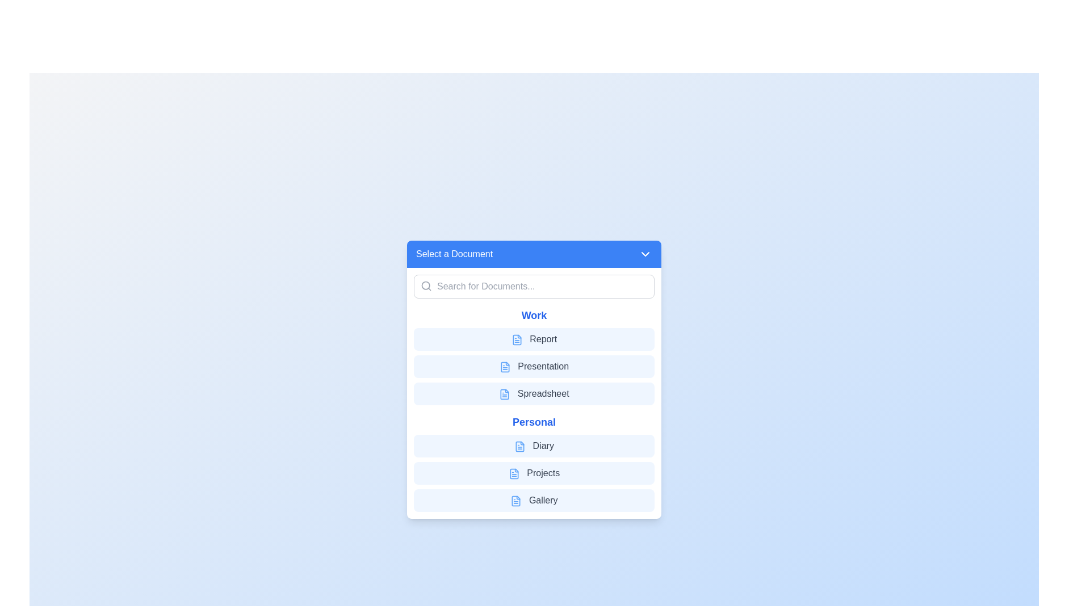 The image size is (1090, 613). Describe the element at coordinates (533, 315) in the screenshot. I see `the section title text label located directly below the search input field and above the clickable items like 'Report', 'Presentation', and 'Spreadsheet'` at that location.